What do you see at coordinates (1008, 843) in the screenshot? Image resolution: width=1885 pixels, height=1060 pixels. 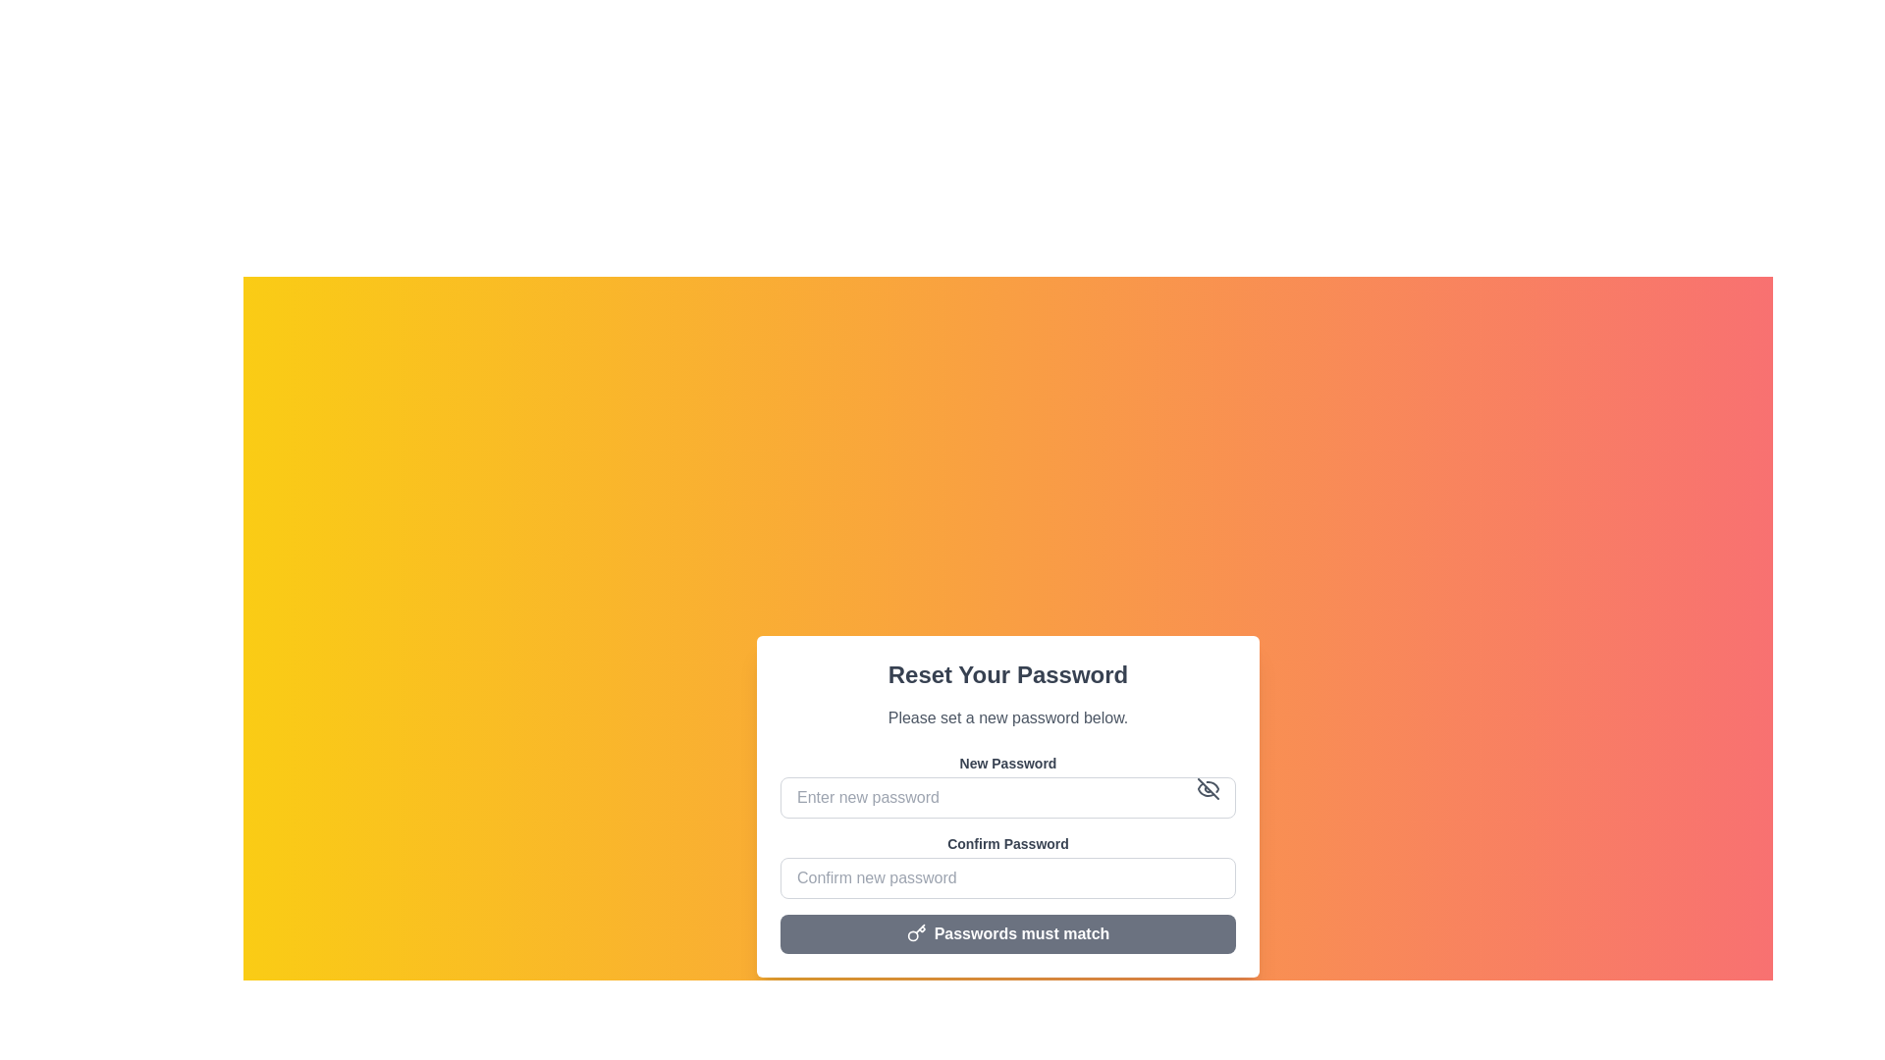 I see `the label associated with the password confirmation input field in the 'Reset Your Password' form` at bounding box center [1008, 843].